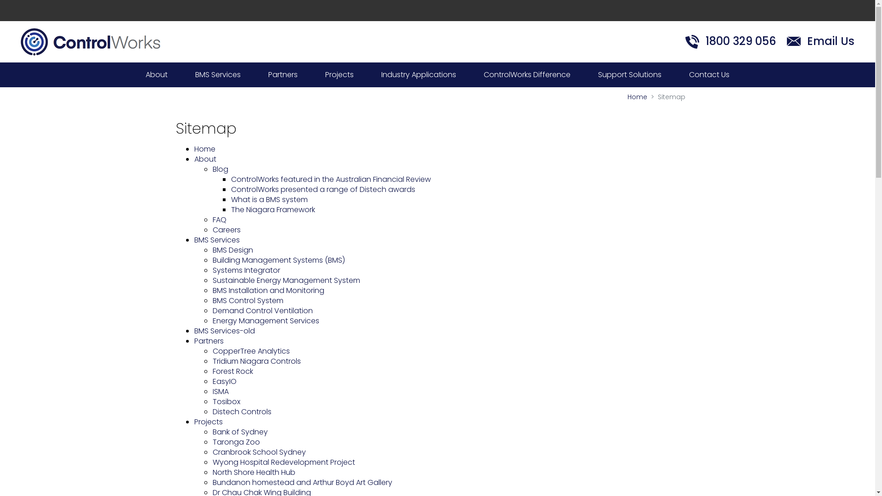  Describe the element at coordinates (242, 411) in the screenshot. I see `'Distech Controls'` at that location.